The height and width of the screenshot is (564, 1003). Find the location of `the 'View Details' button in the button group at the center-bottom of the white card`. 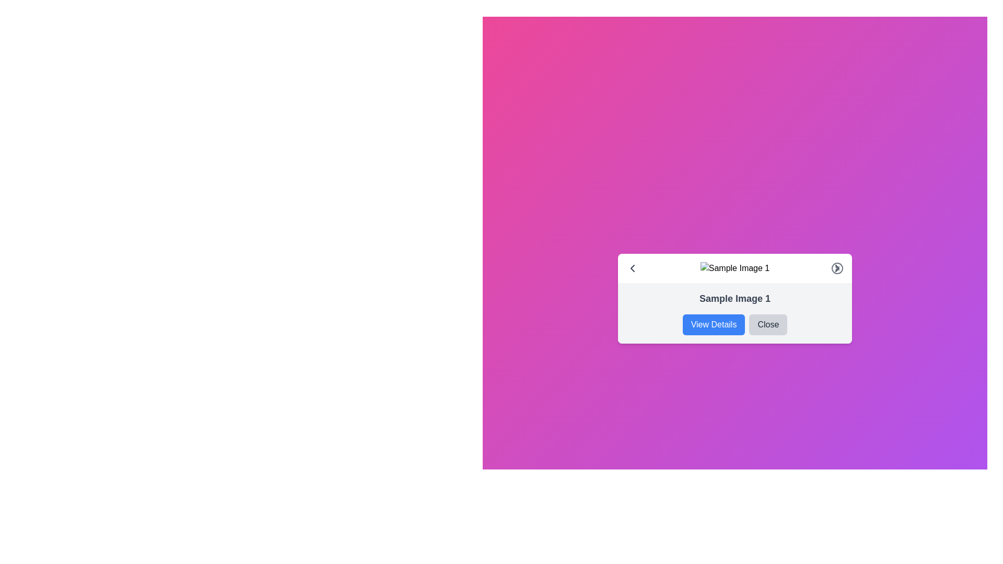

the 'View Details' button in the button group at the center-bottom of the white card is located at coordinates (734, 324).